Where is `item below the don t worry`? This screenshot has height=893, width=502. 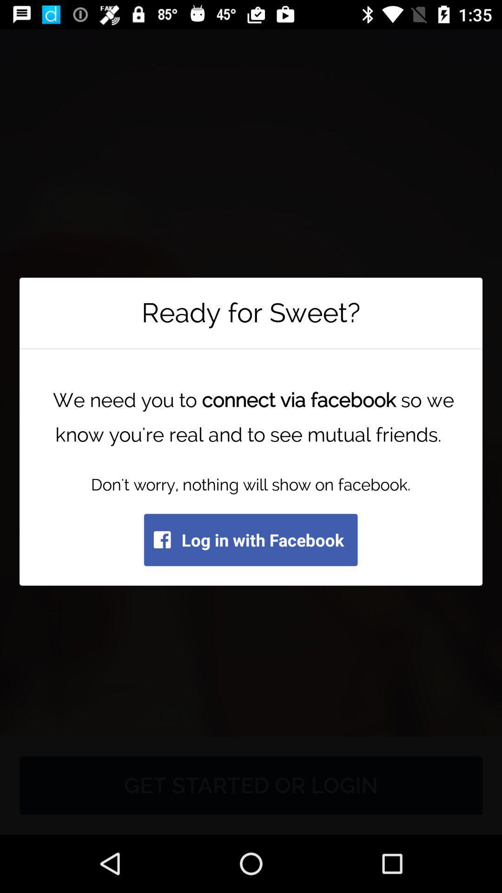
item below the don t worry is located at coordinates (250, 540).